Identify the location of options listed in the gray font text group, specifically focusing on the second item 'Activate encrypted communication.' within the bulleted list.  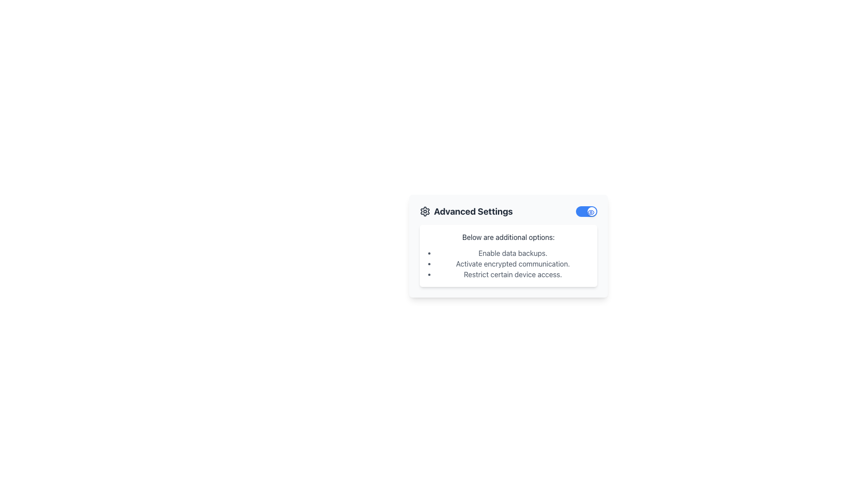
(513, 263).